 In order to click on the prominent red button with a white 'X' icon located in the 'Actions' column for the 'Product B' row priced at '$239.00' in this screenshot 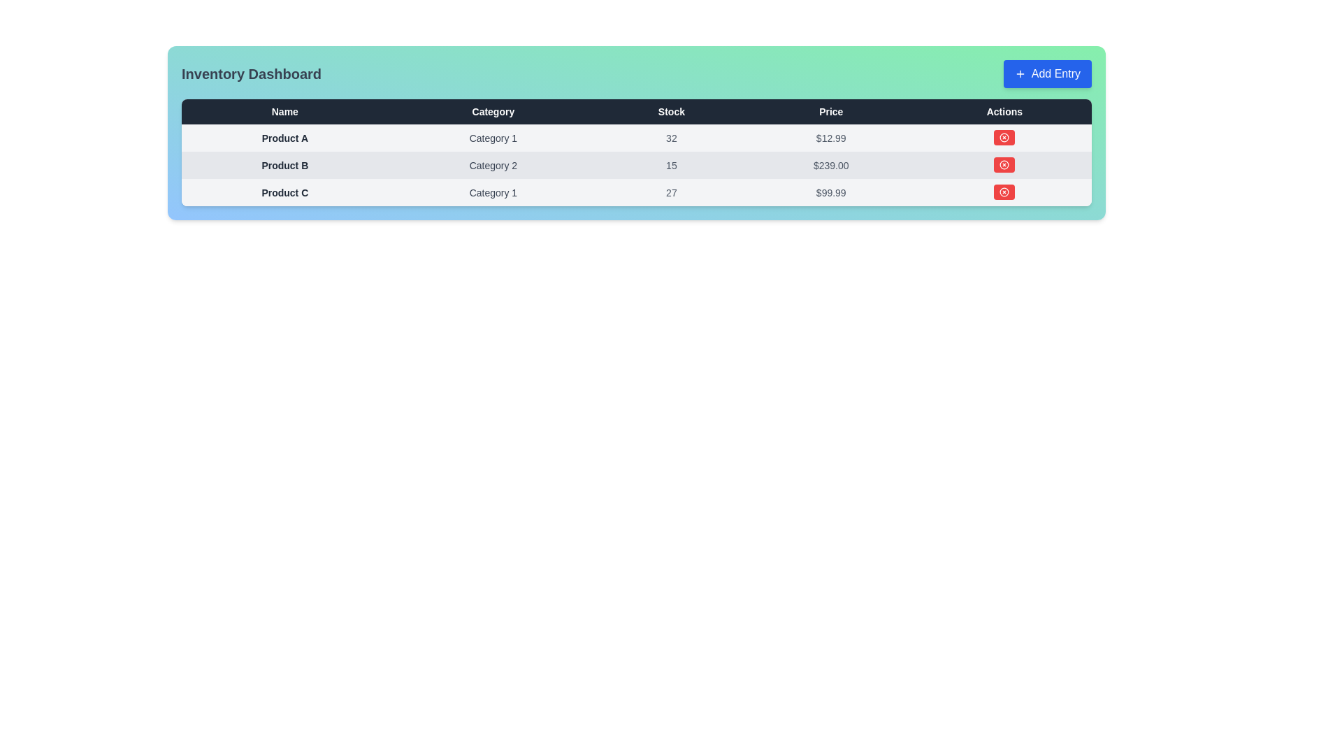, I will do `click(1004, 164)`.